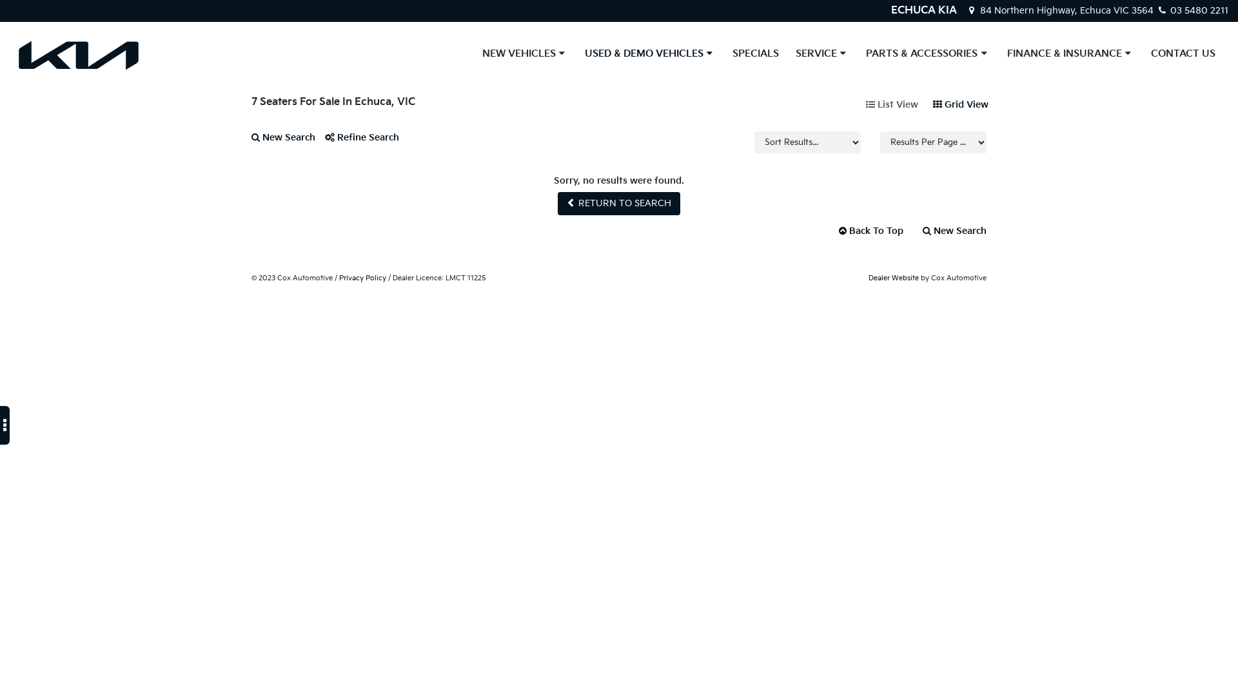  Describe the element at coordinates (1061, 10) in the screenshot. I see `'84 Northern Highway, Echuca VIC 3564'` at that location.